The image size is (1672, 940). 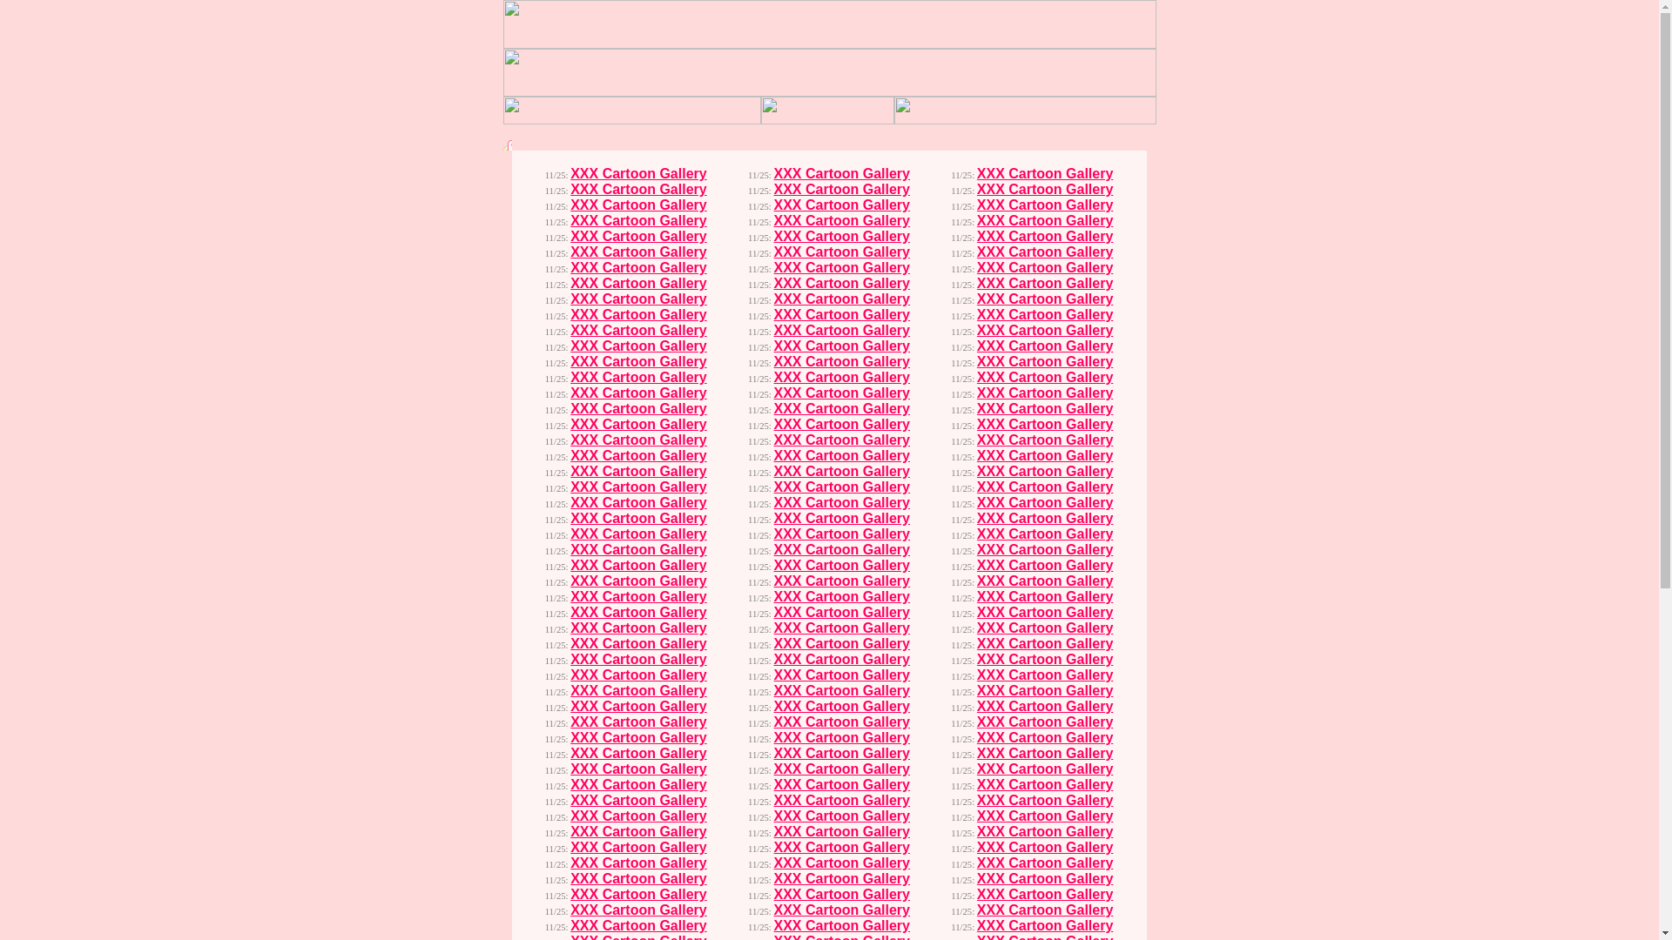 What do you see at coordinates (637, 219) in the screenshot?
I see `'XXX Cartoon Gallery'` at bounding box center [637, 219].